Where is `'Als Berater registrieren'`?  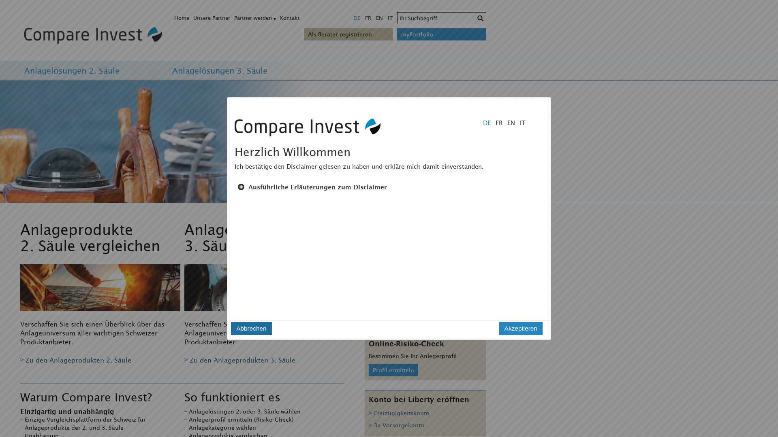 'Als Berater registrieren' is located at coordinates (307, 34).